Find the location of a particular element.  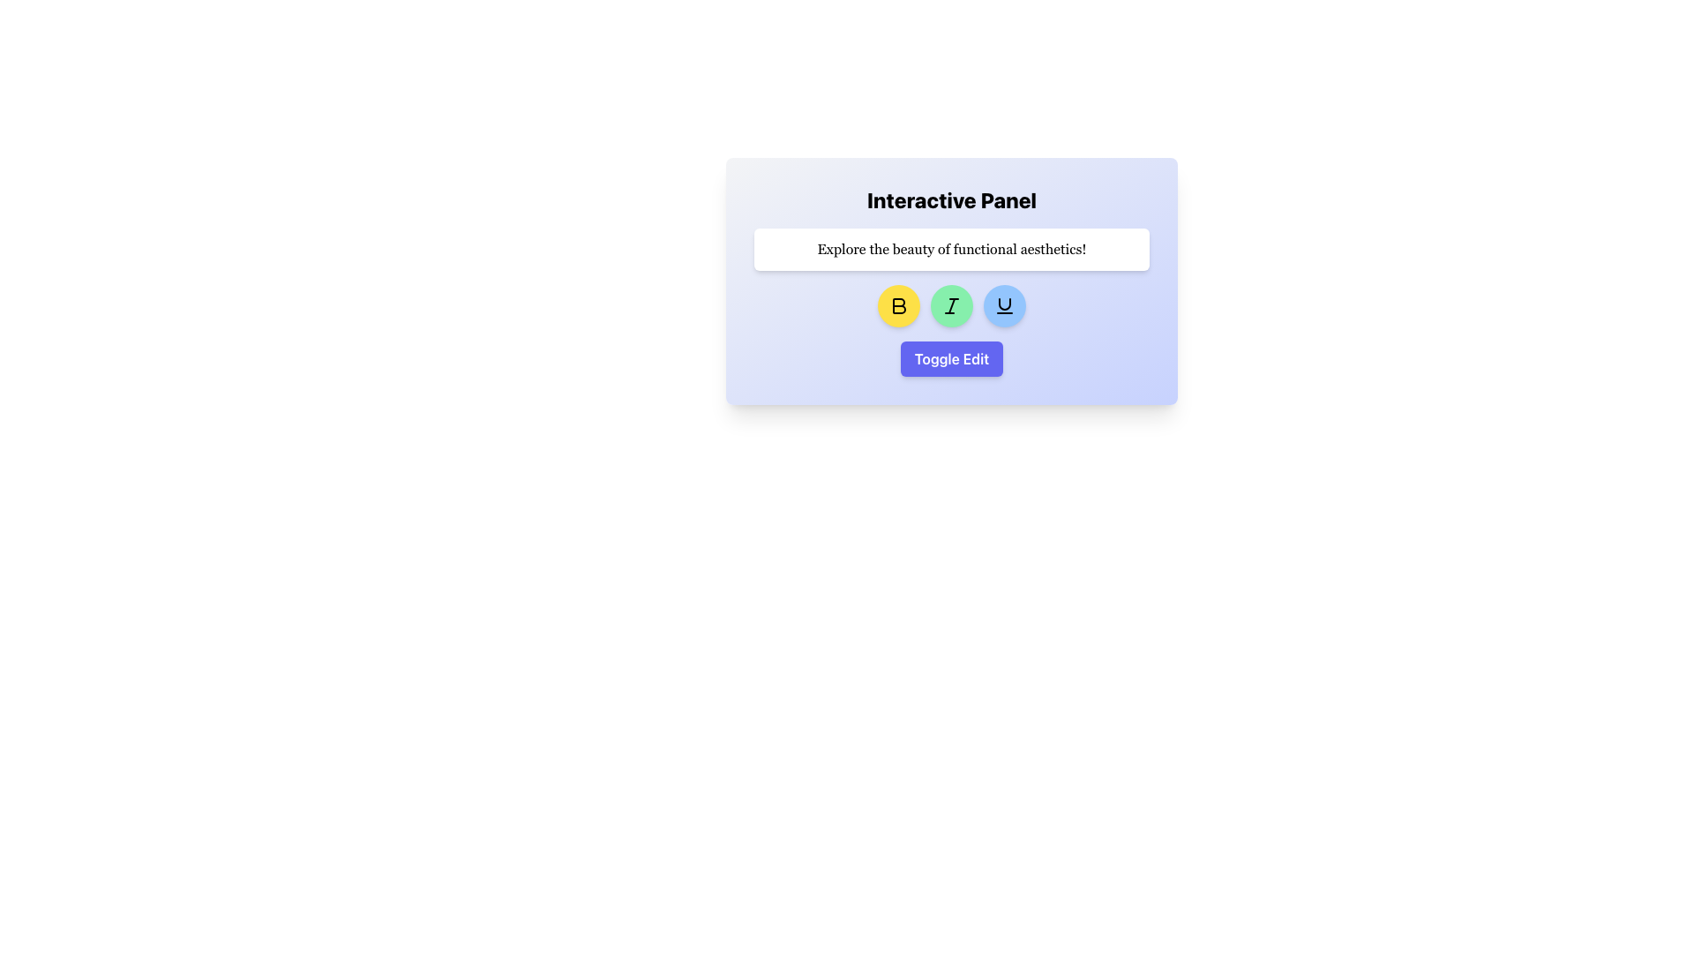

the diagonal line within the 'Italic' button, which is the second button from the left in the horizontal trio of buttons below the text box is located at coordinates (951, 305).